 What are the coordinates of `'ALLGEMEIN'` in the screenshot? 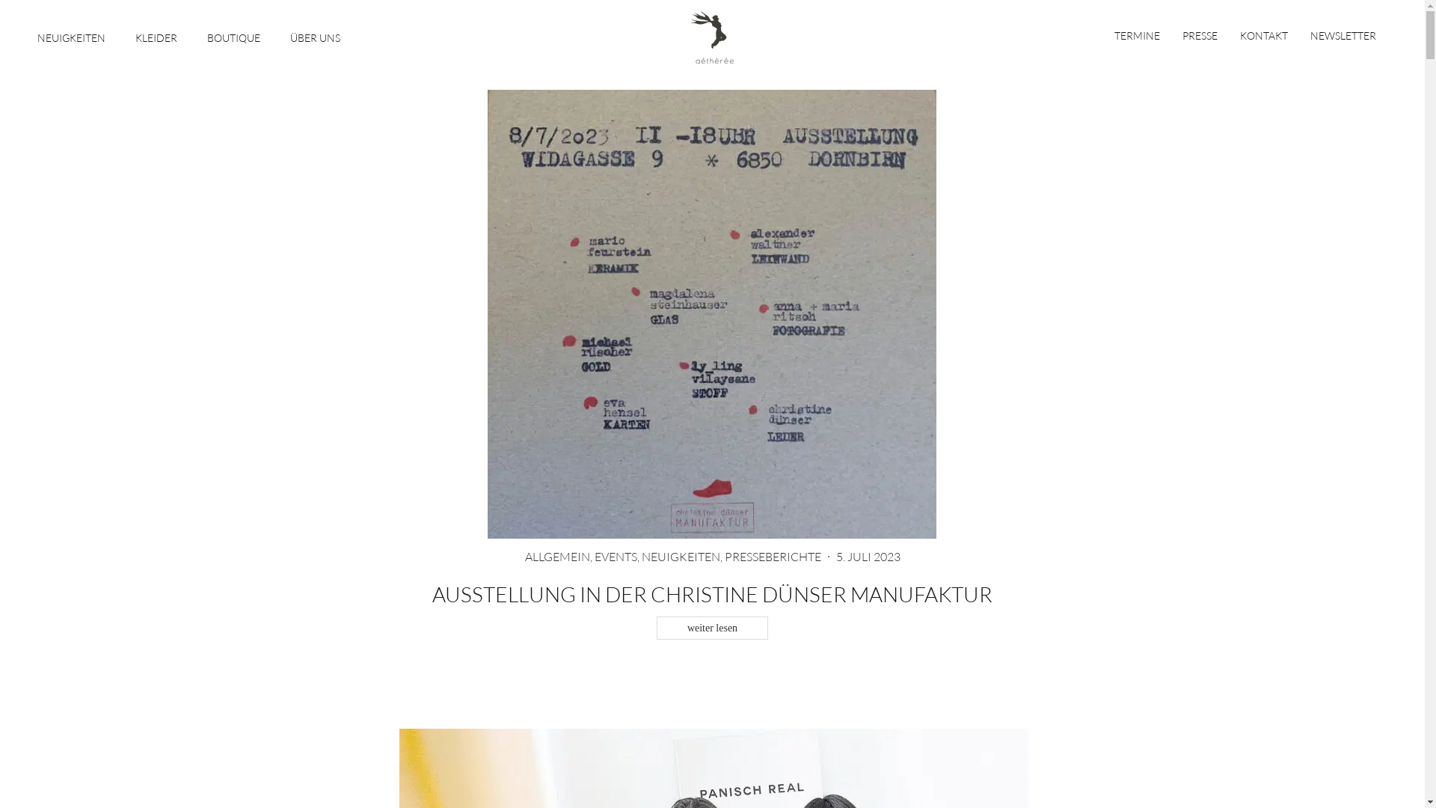 It's located at (524, 557).